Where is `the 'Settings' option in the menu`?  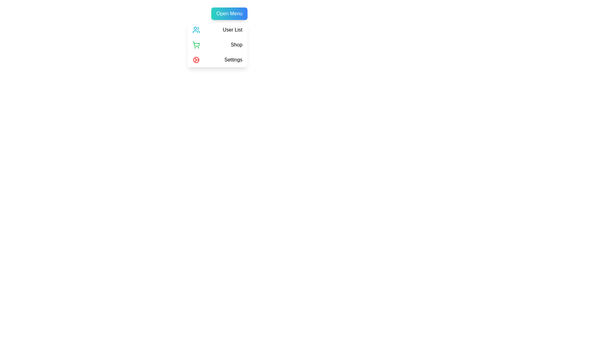 the 'Settings' option in the menu is located at coordinates (217, 60).